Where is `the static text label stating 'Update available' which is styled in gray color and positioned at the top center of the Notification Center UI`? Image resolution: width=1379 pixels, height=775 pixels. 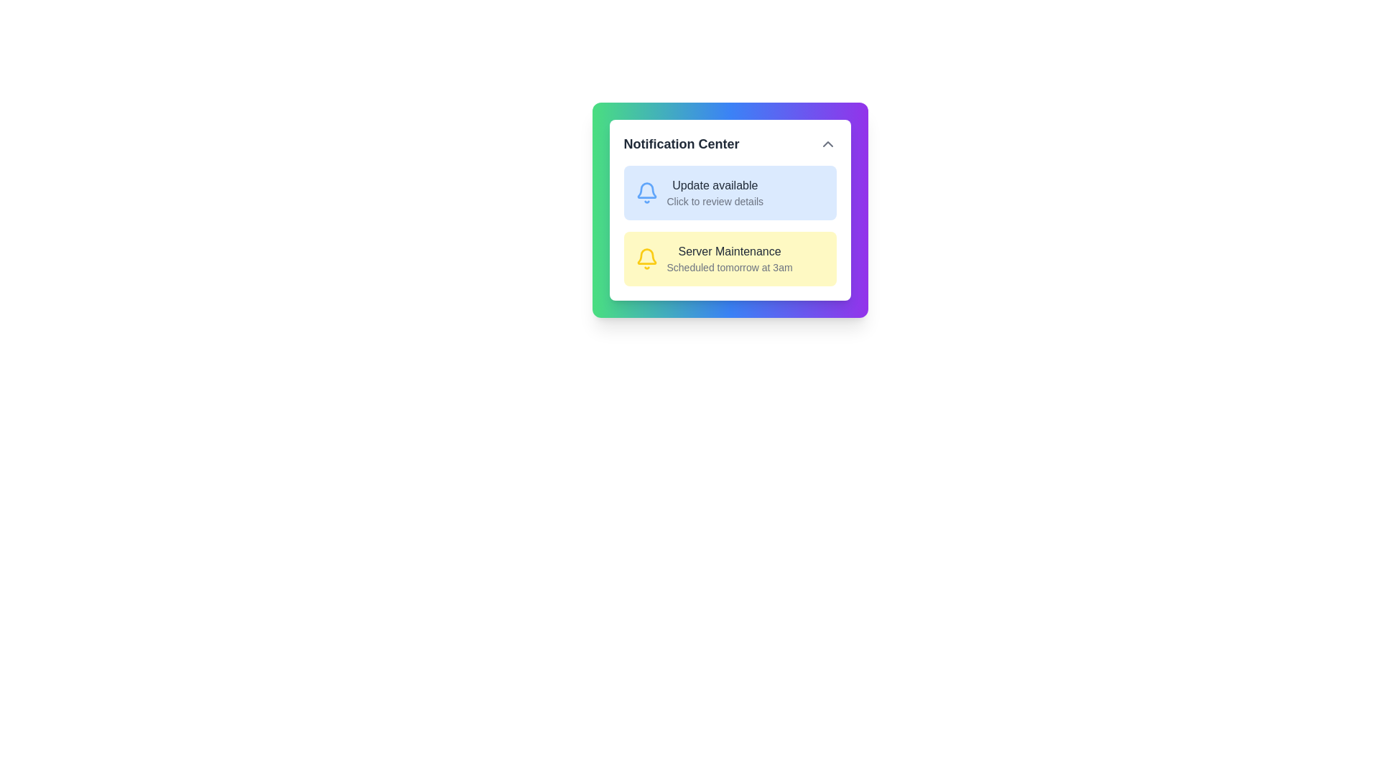 the static text label stating 'Update available' which is styled in gray color and positioned at the top center of the Notification Center UI is located at coordinates (715, 184).